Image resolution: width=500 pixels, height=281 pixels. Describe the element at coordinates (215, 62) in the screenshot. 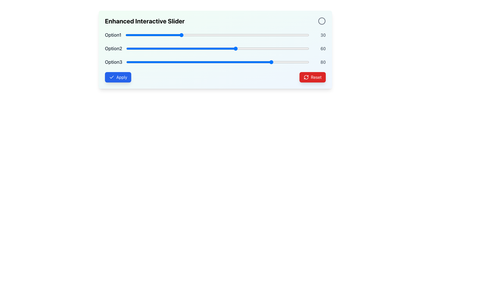

I see `the slider track of the third slider labeled Option3 to set a specific value` at that location.